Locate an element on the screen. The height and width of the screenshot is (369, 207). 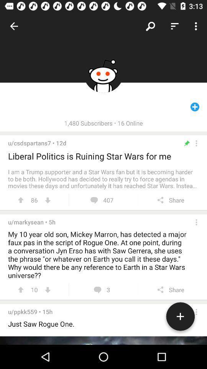
downvote is located at coordinates (48, 199).